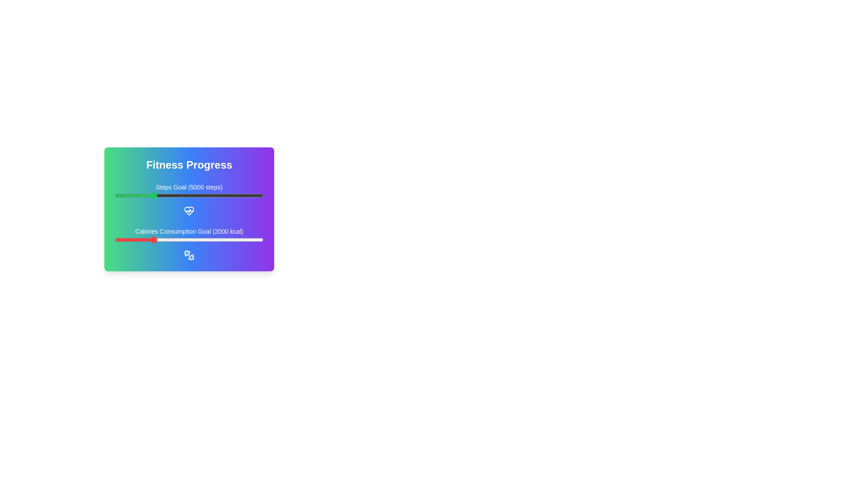 This screenshot has width=849, height=478. I want to click on the range slider located below the label 'Steps Goal (5000 steps)' to set a value, so click(188, 195).